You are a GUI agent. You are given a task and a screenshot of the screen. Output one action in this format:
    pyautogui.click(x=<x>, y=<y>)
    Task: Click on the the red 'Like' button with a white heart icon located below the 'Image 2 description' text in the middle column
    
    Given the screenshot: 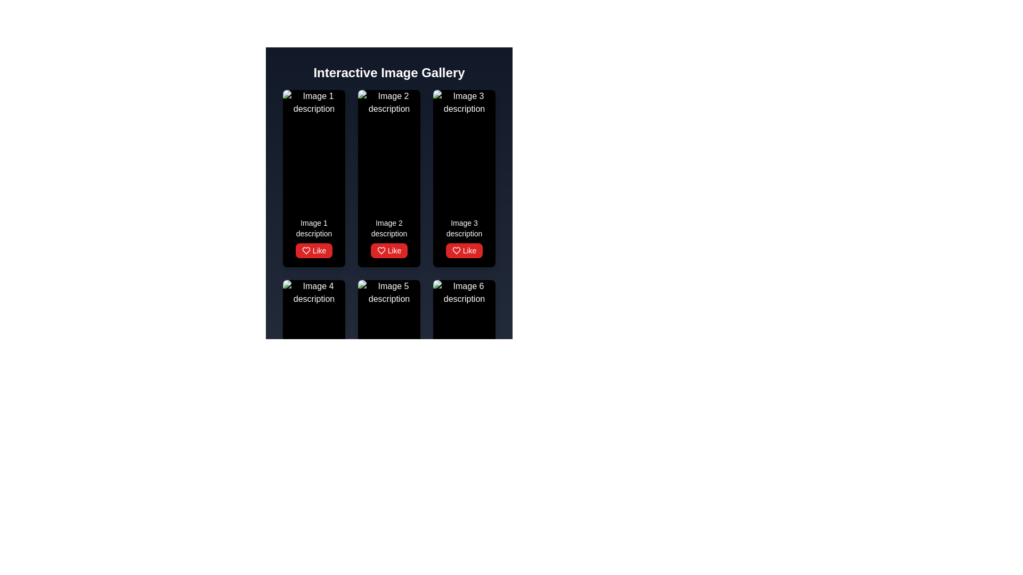 What is the action you would take?
    pyautogui.click(x=388, y=250)
    